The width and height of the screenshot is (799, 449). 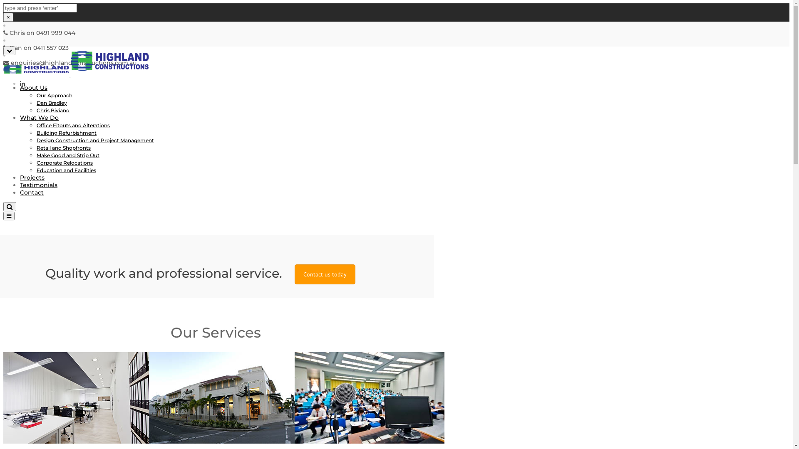 What do you see at coordinates (33, 88) in the screenshot?
I see `'About Us'` at bounding box center [33, 88].